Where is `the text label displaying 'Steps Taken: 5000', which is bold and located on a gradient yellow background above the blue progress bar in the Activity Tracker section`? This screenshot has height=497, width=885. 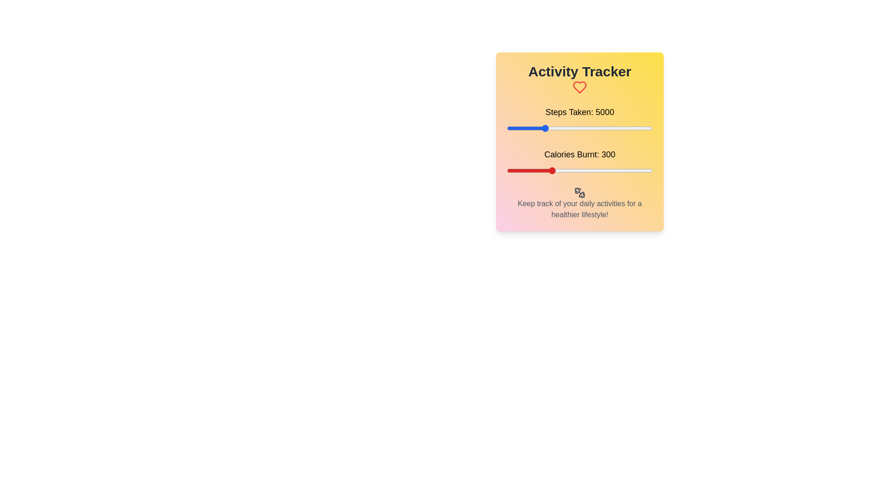
the text label displaying 'Steps Taken: 5000', which is bold and located on a gradient yellow background above the blue progress bar in the Activity Tracker section is located at coordinates (579, 111).